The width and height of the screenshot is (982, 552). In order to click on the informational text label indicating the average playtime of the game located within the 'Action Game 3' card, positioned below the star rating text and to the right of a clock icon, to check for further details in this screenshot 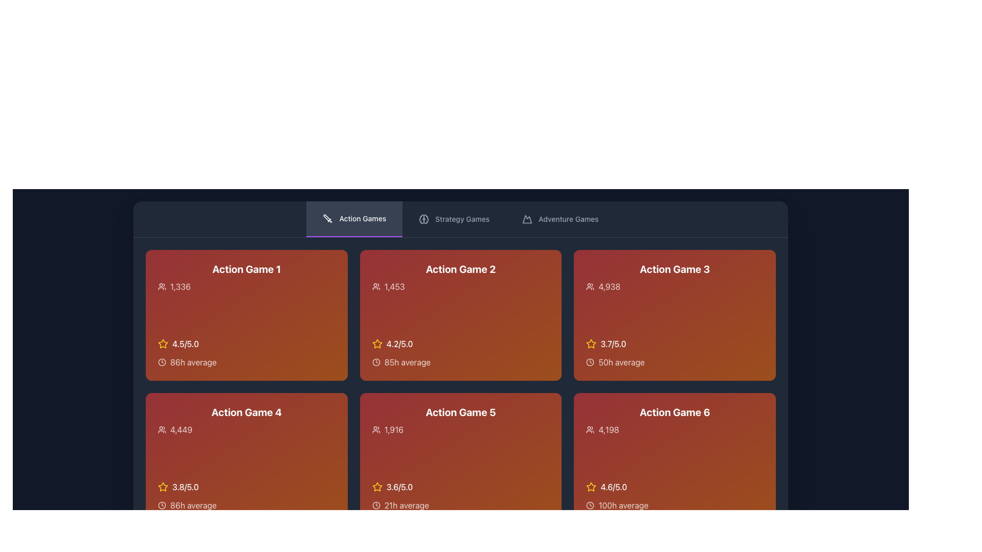, I will do `click(621, 362)`.